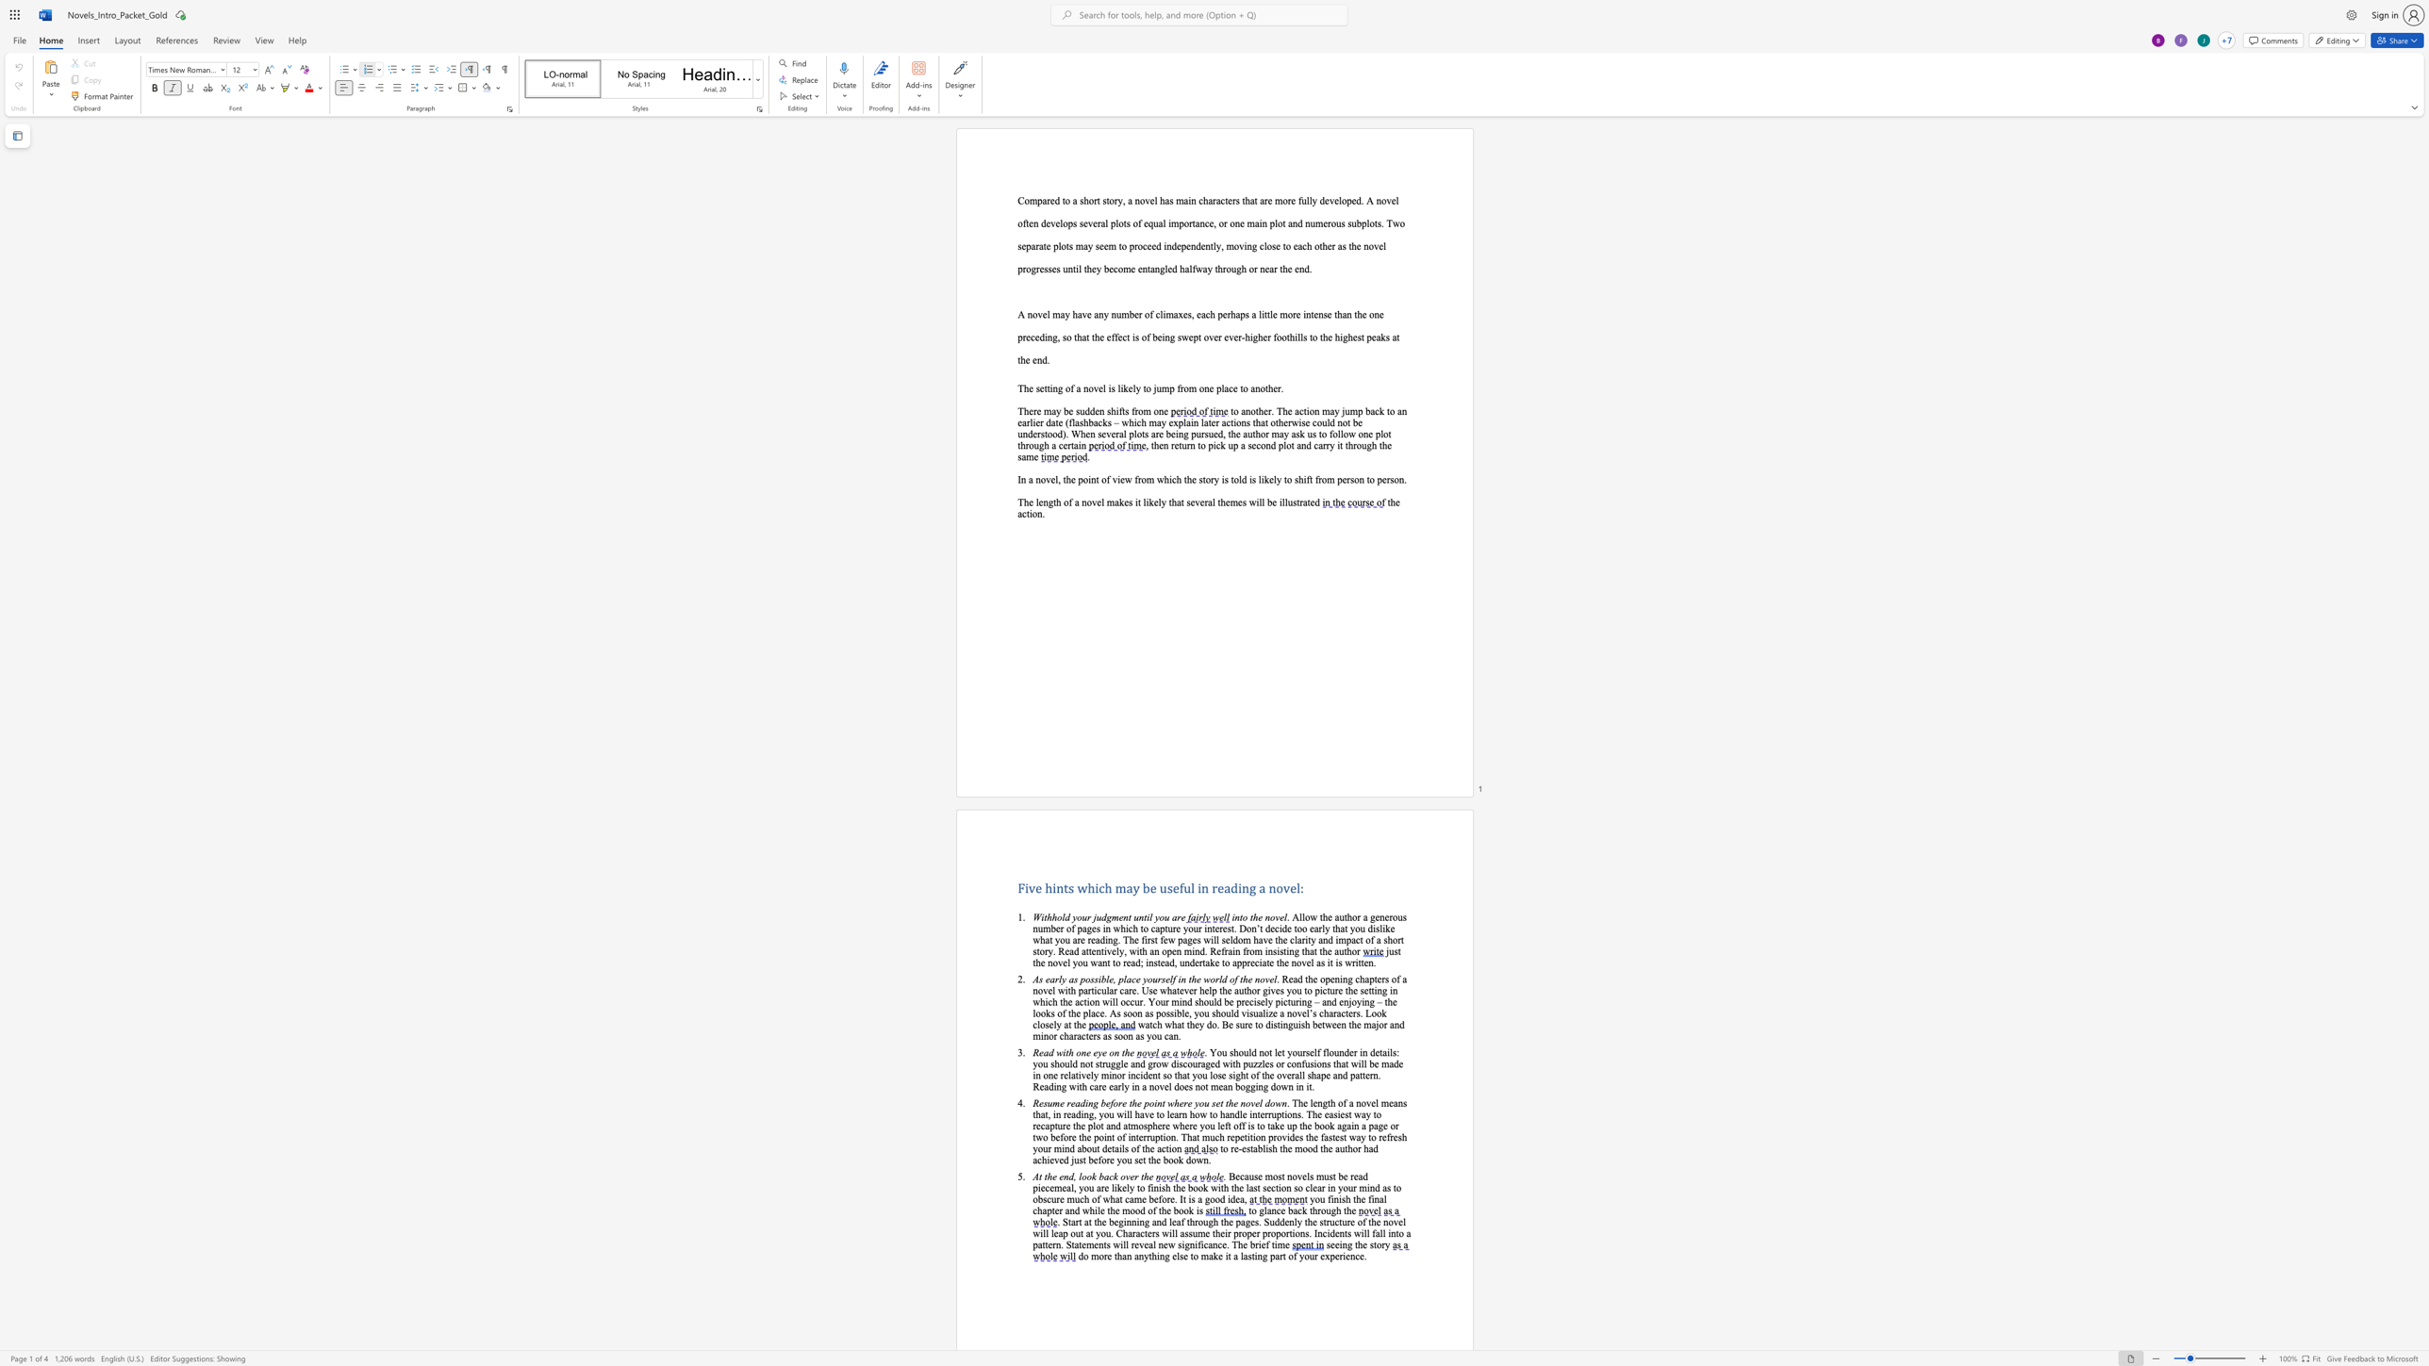  I want to click on the space between the continuous character "u" and "i" in the text, so click(1297, 1025).